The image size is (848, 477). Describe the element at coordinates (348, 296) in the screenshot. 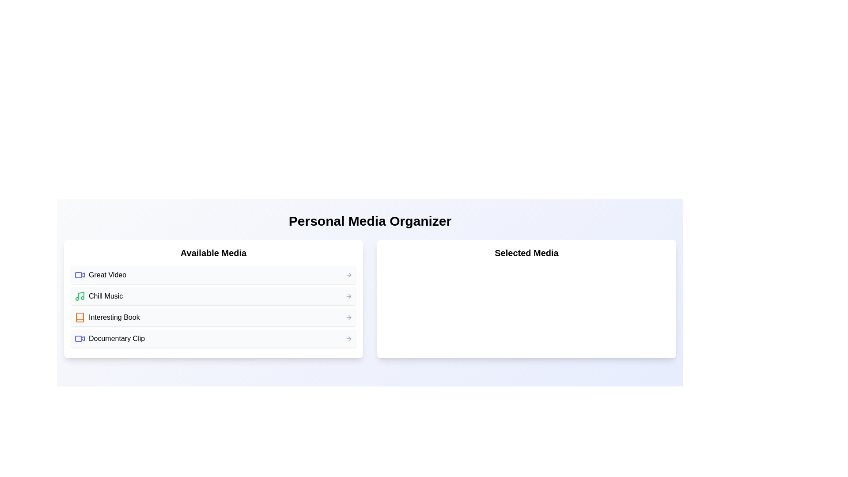

I see `the Arrow Indicator icon located at the right end of the 'Chill Music' media item in the 'Available Media' section` at that location.